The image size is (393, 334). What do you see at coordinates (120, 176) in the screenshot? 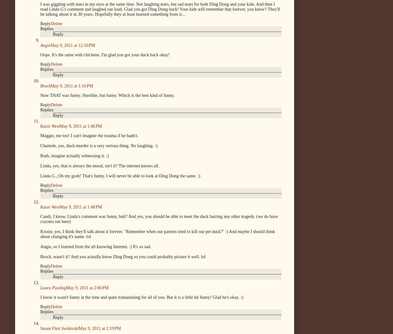
I see `'Linda G., Oh my gosh! That's funny. I will never be able to look at Ding Dong the same. :)'` at bounding box center [120, 176].